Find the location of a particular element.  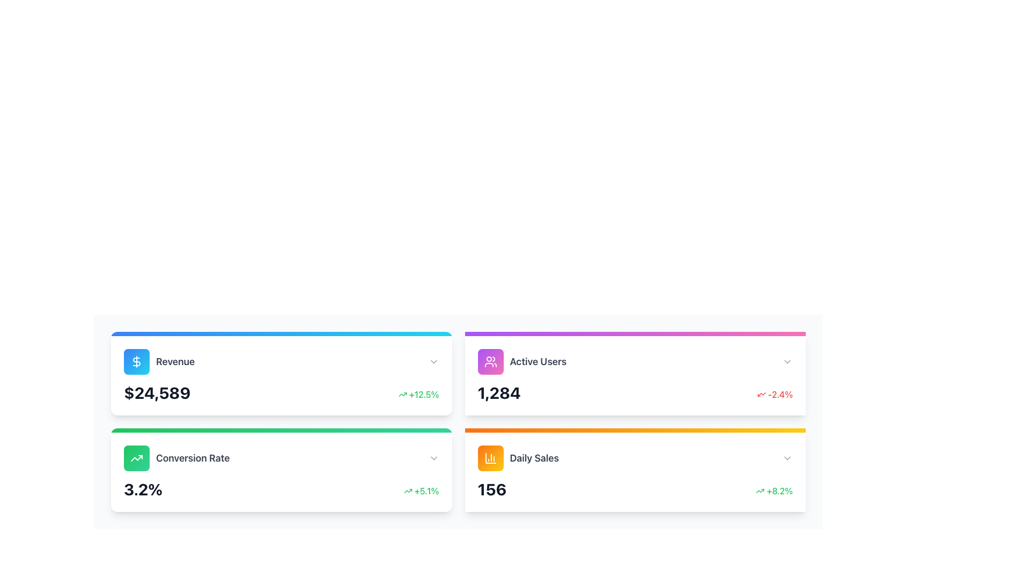

the 'Revenue' text label with the adjacent dollar sign icon, which is located at the top-left section of the dashboard interface is located at coordinates (159, 362).